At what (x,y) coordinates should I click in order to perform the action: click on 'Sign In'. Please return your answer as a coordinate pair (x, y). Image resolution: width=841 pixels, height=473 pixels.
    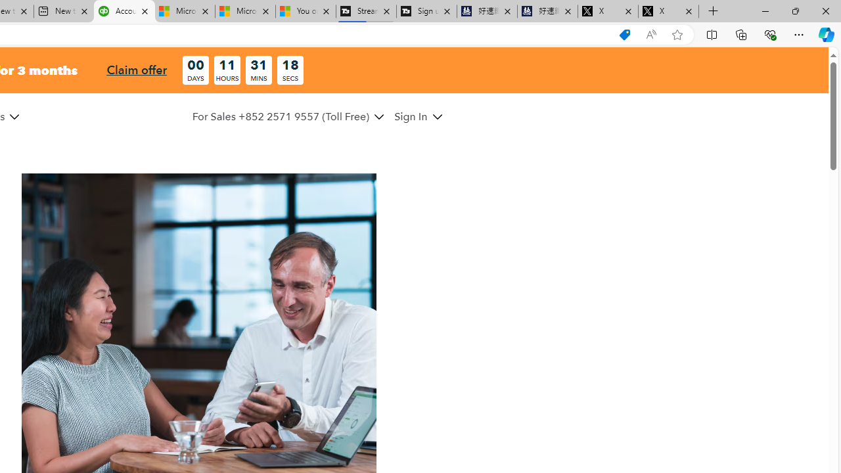
    Looking at the image, I should click on (417, 116).